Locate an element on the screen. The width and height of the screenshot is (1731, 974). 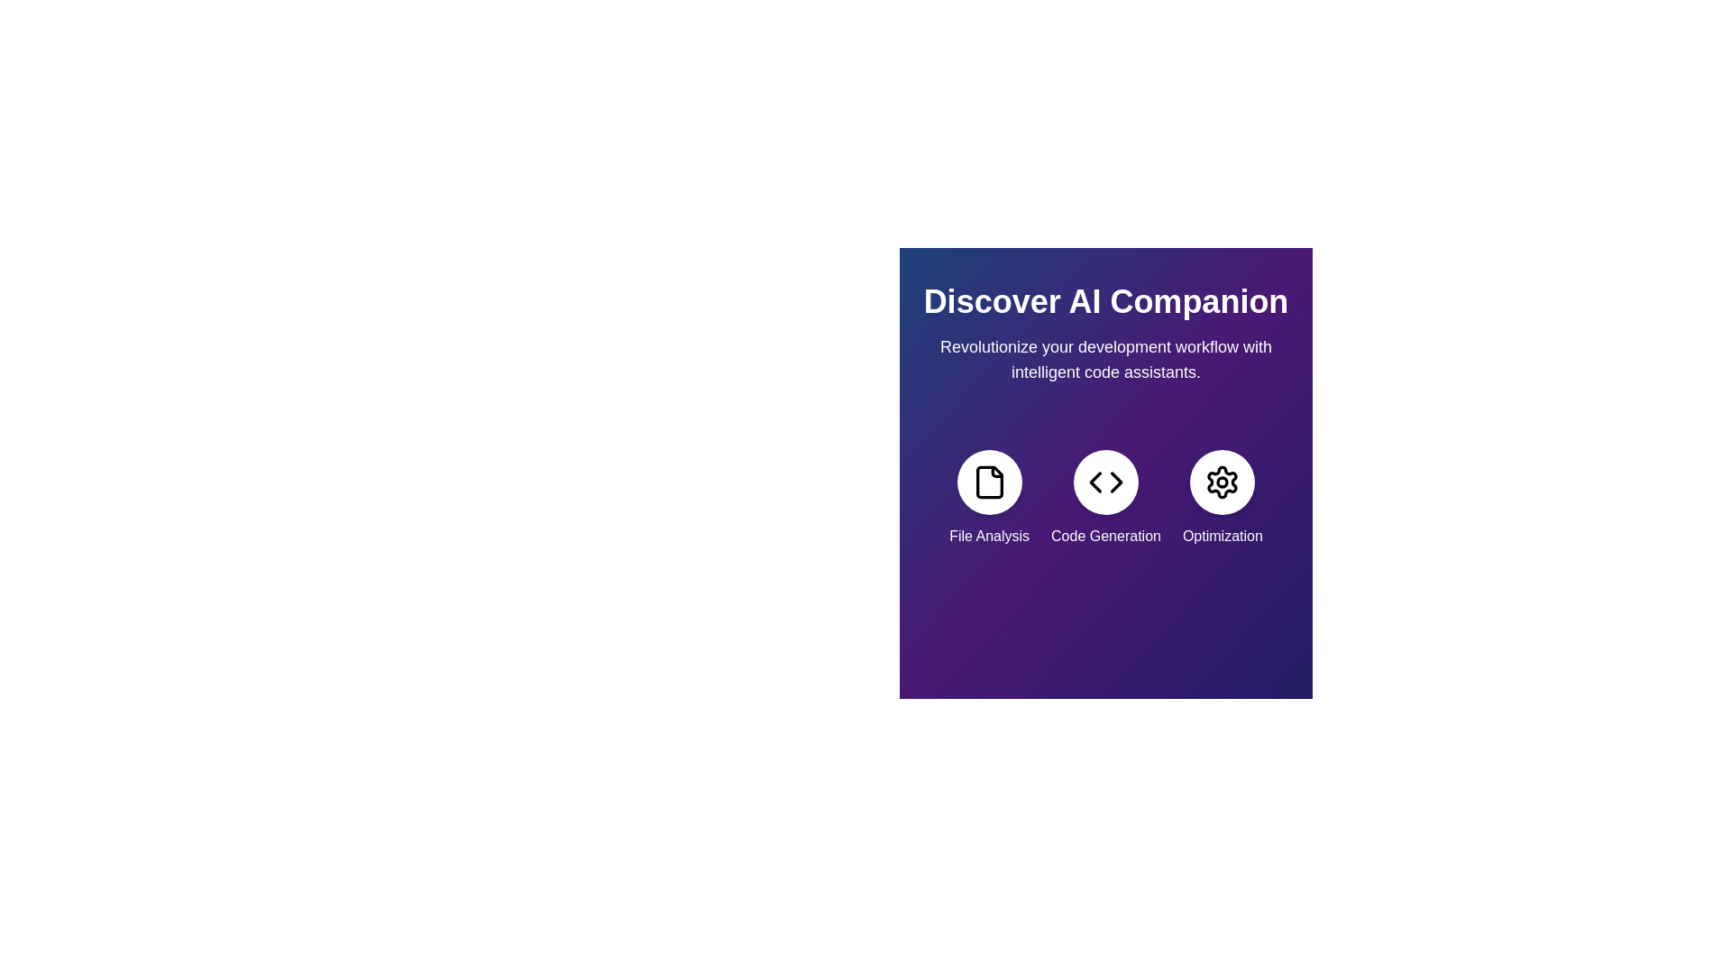
the third circular button below the 'Discover AI Companion' header is located at coordinates (1223, 498).